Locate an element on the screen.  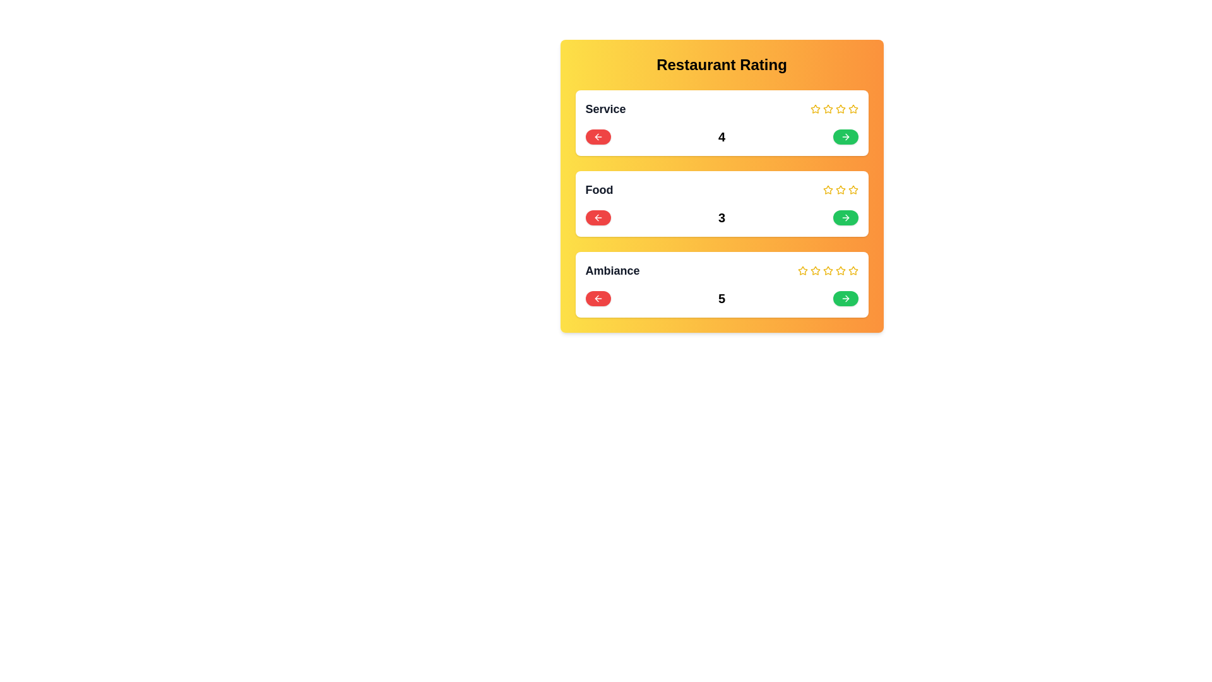
the circular red button with a white left arrow icon located at the leftmost side of the row under the 'Service' label in the 'Restaurant Rating' section is located at coordinates (597, 136).